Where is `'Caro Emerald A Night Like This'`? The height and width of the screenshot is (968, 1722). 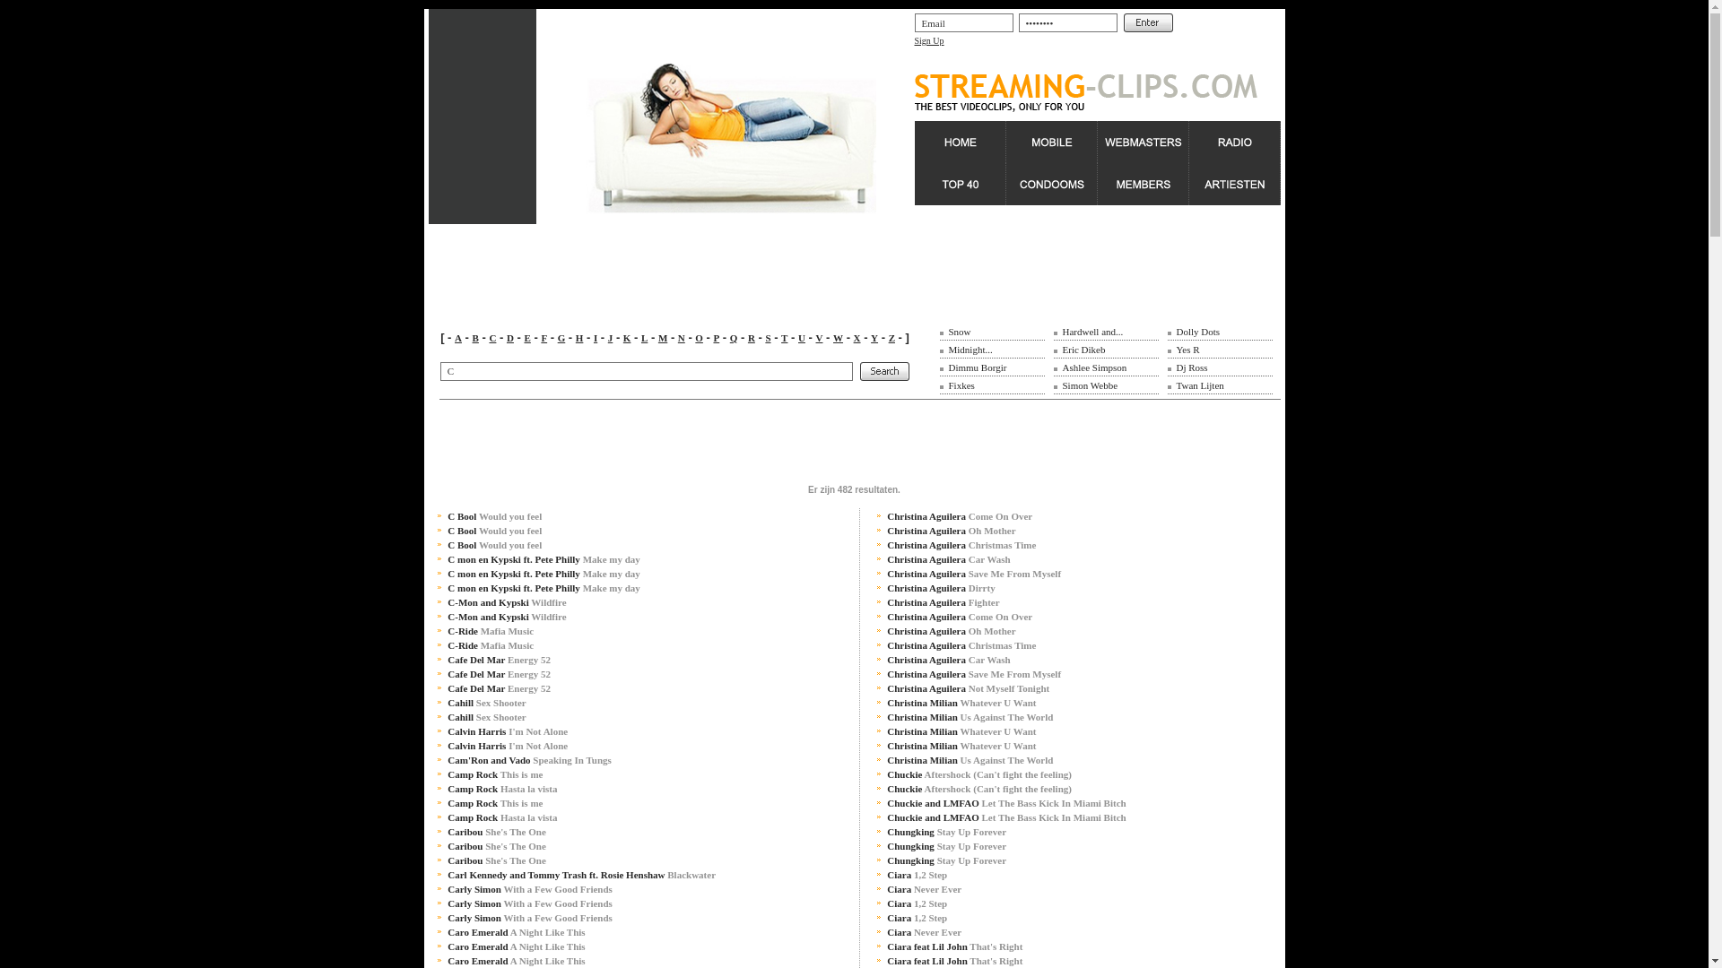 'Caro Emerald A Night Like This' is located at coordinates (515, 960).